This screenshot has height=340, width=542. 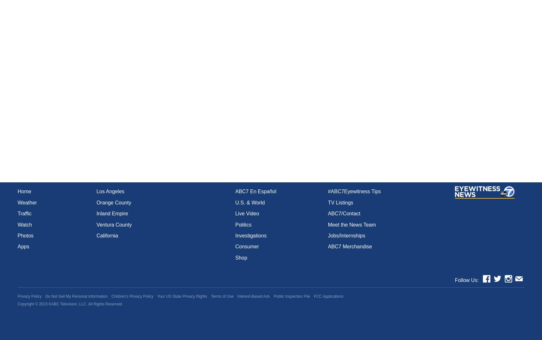 I want to click on 'Your US State Privacy Rights', so click(x=182, y=296).